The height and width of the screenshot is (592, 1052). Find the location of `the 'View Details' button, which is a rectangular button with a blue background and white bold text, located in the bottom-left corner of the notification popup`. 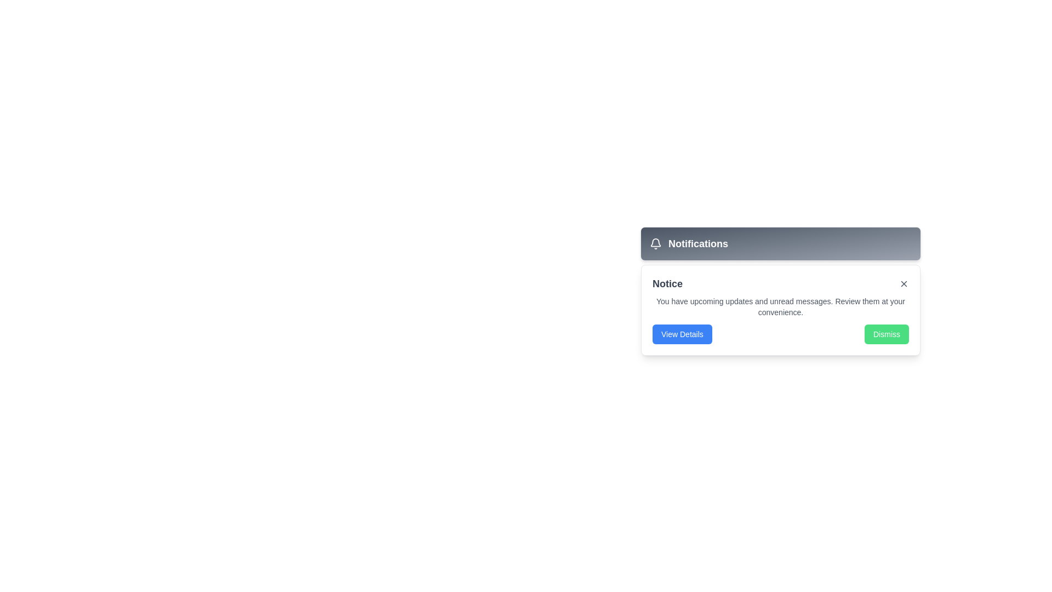

the 'View Details' button, which is a rectangular button with a blue background and white bold text, located in the bottom-left corner of the notification popup is located at coordinates (682, 333).